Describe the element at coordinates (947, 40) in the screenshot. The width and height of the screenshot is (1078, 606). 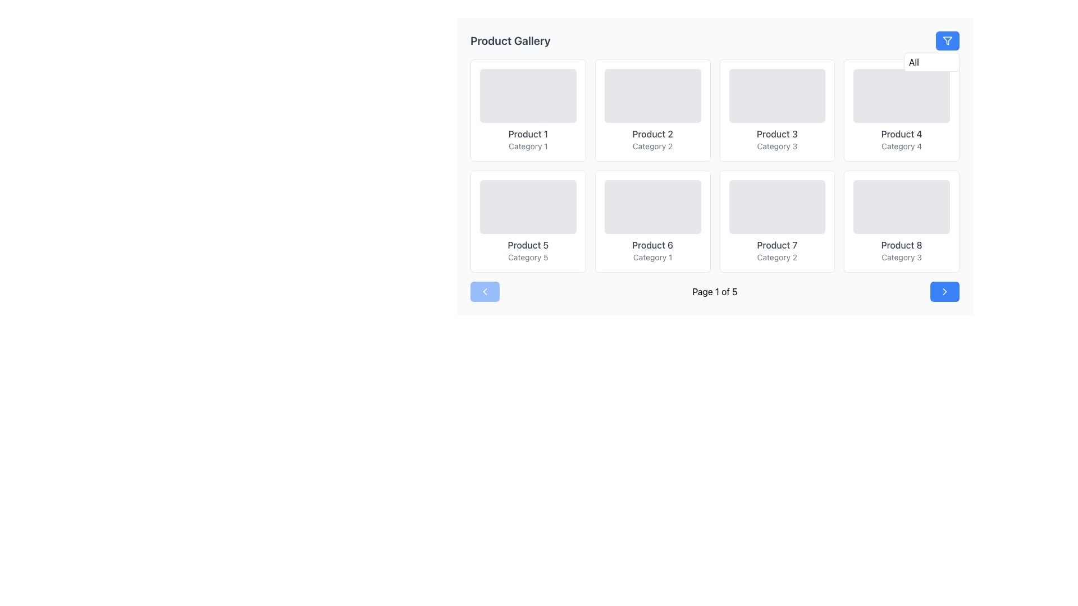
I see `the filter icon located inside the blue circular button at the top-right corner of the interface, which is part of the 'All' dropdown for filtering options` at that location.